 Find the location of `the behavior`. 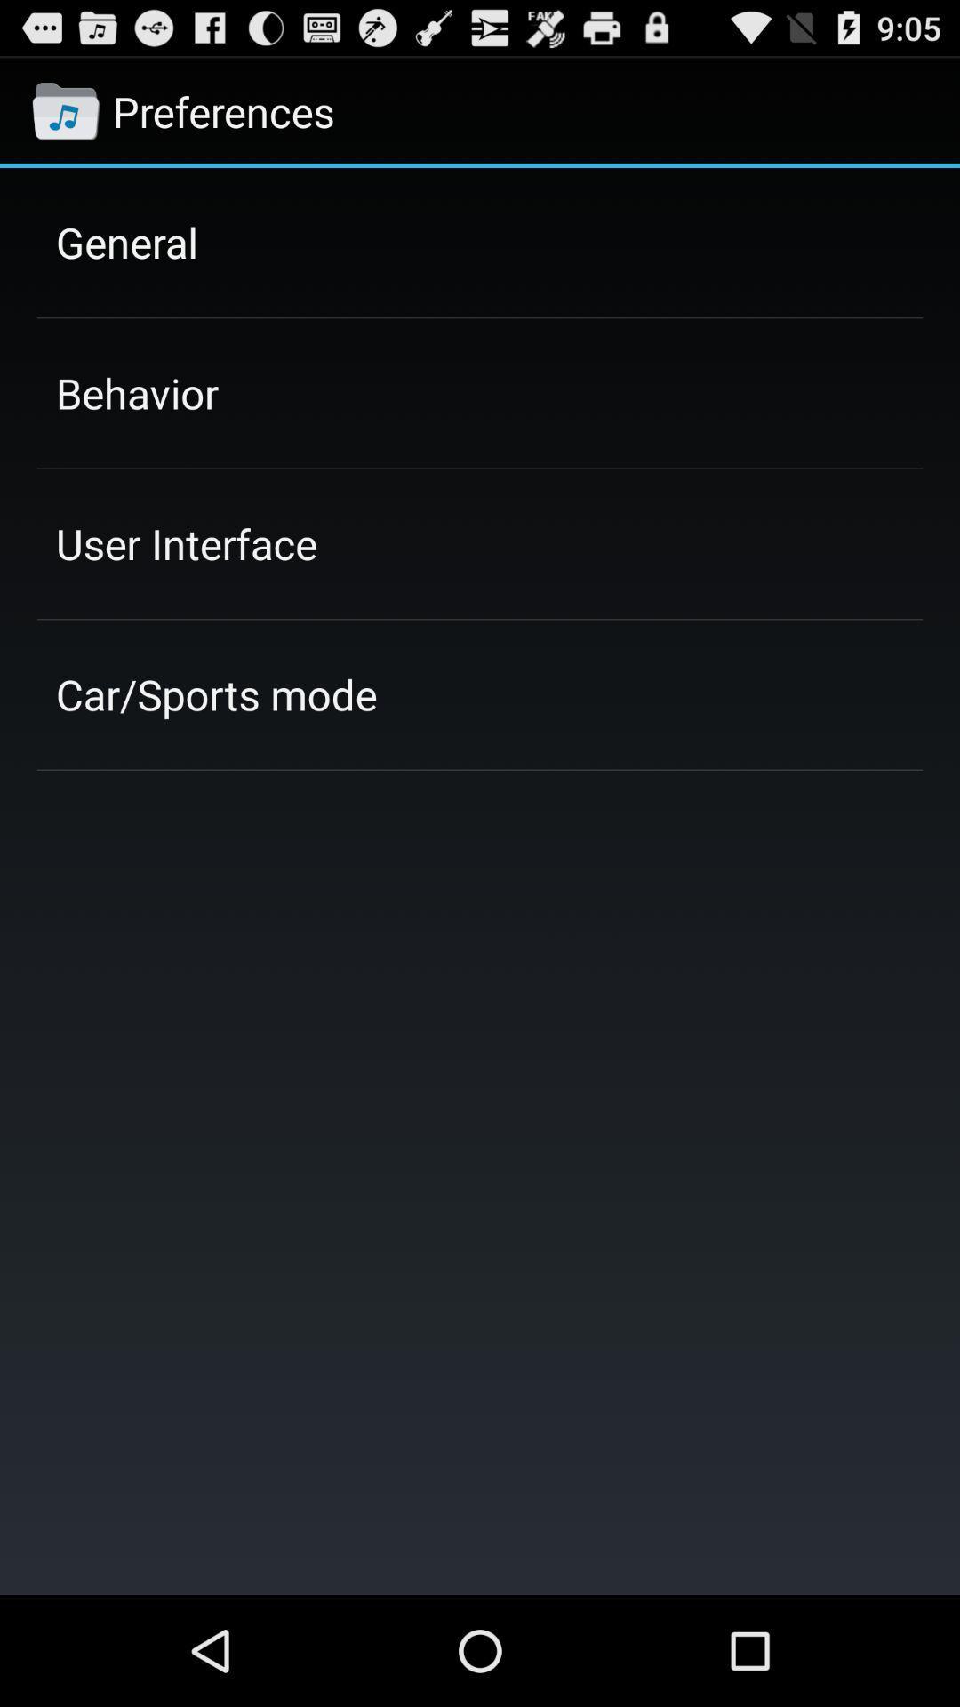

the behavior is located at coordinates (136, 392).